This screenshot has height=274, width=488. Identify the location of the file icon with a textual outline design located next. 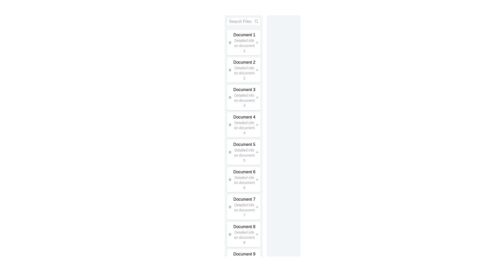
(230, 152).